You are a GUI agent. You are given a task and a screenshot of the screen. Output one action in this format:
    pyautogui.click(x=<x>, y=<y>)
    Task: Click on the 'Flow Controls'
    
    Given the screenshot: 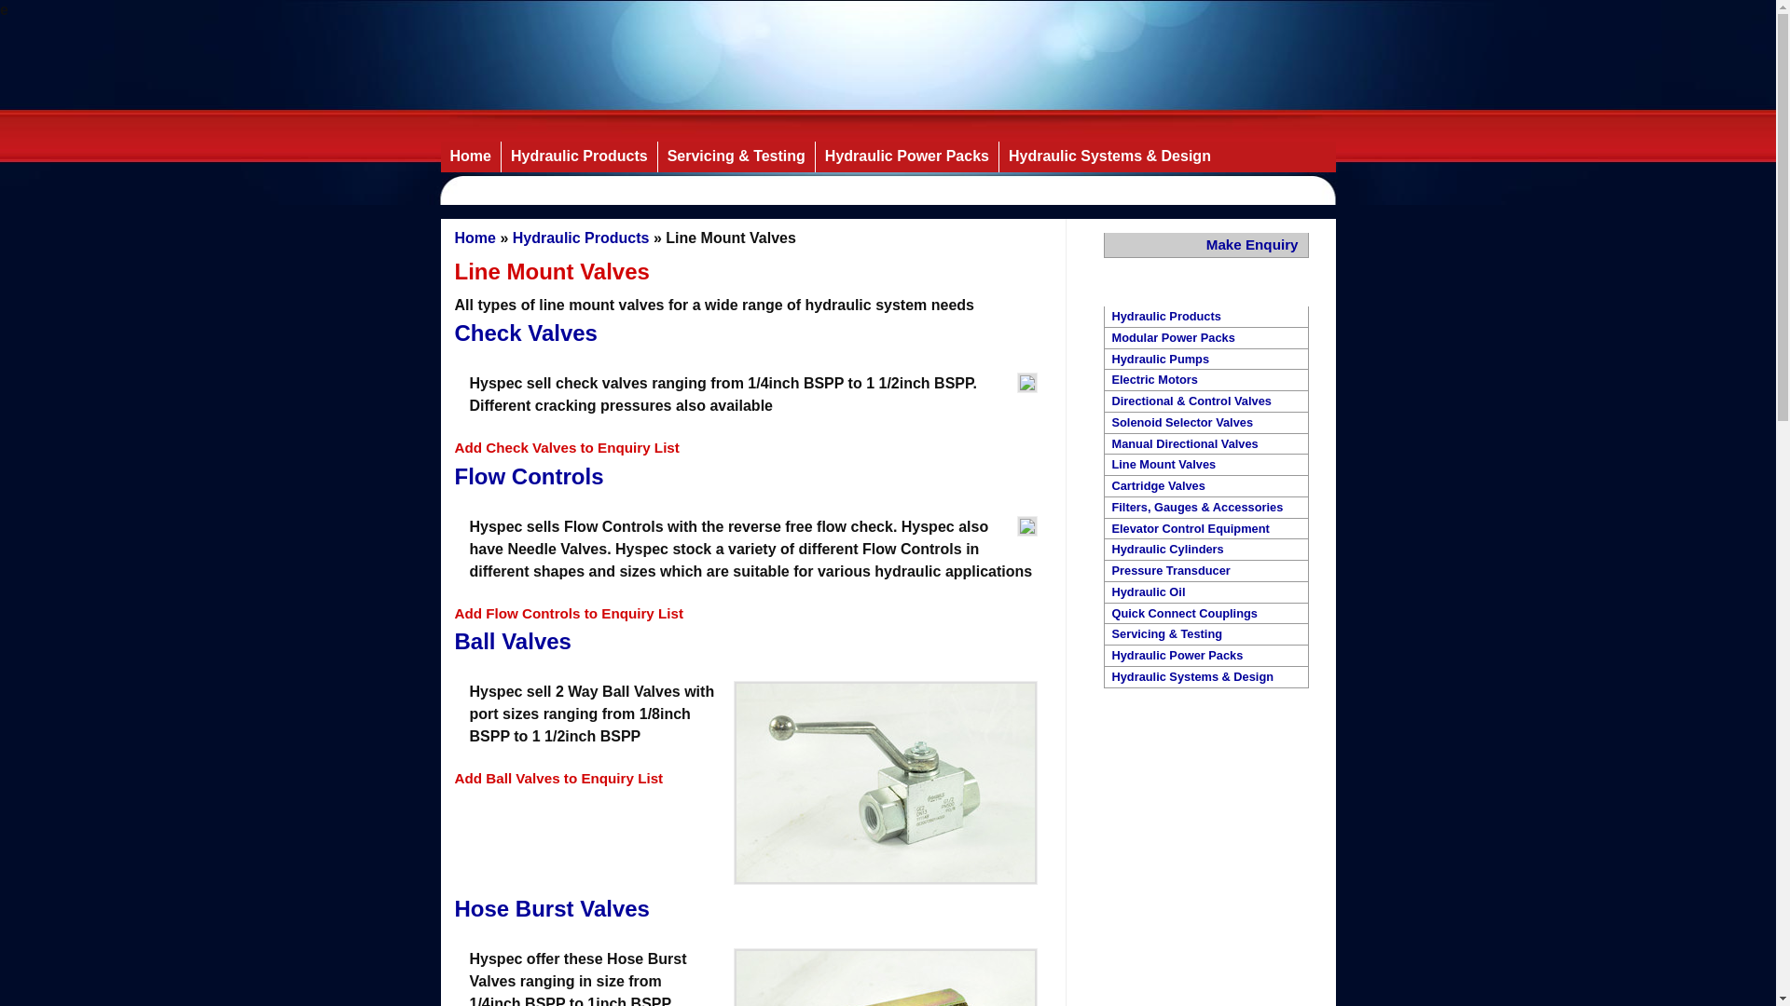 What is the action you would take?
    pyautogui.click(x=528, y=475)
    